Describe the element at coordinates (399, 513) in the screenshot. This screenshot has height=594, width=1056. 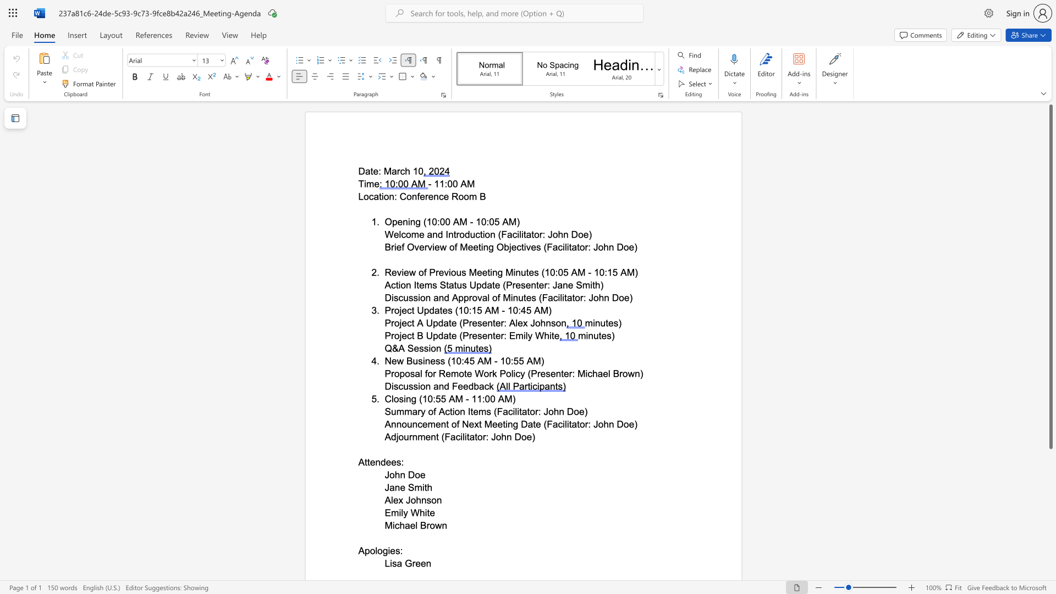
I see `the 1th character "i" in the text` at that location.